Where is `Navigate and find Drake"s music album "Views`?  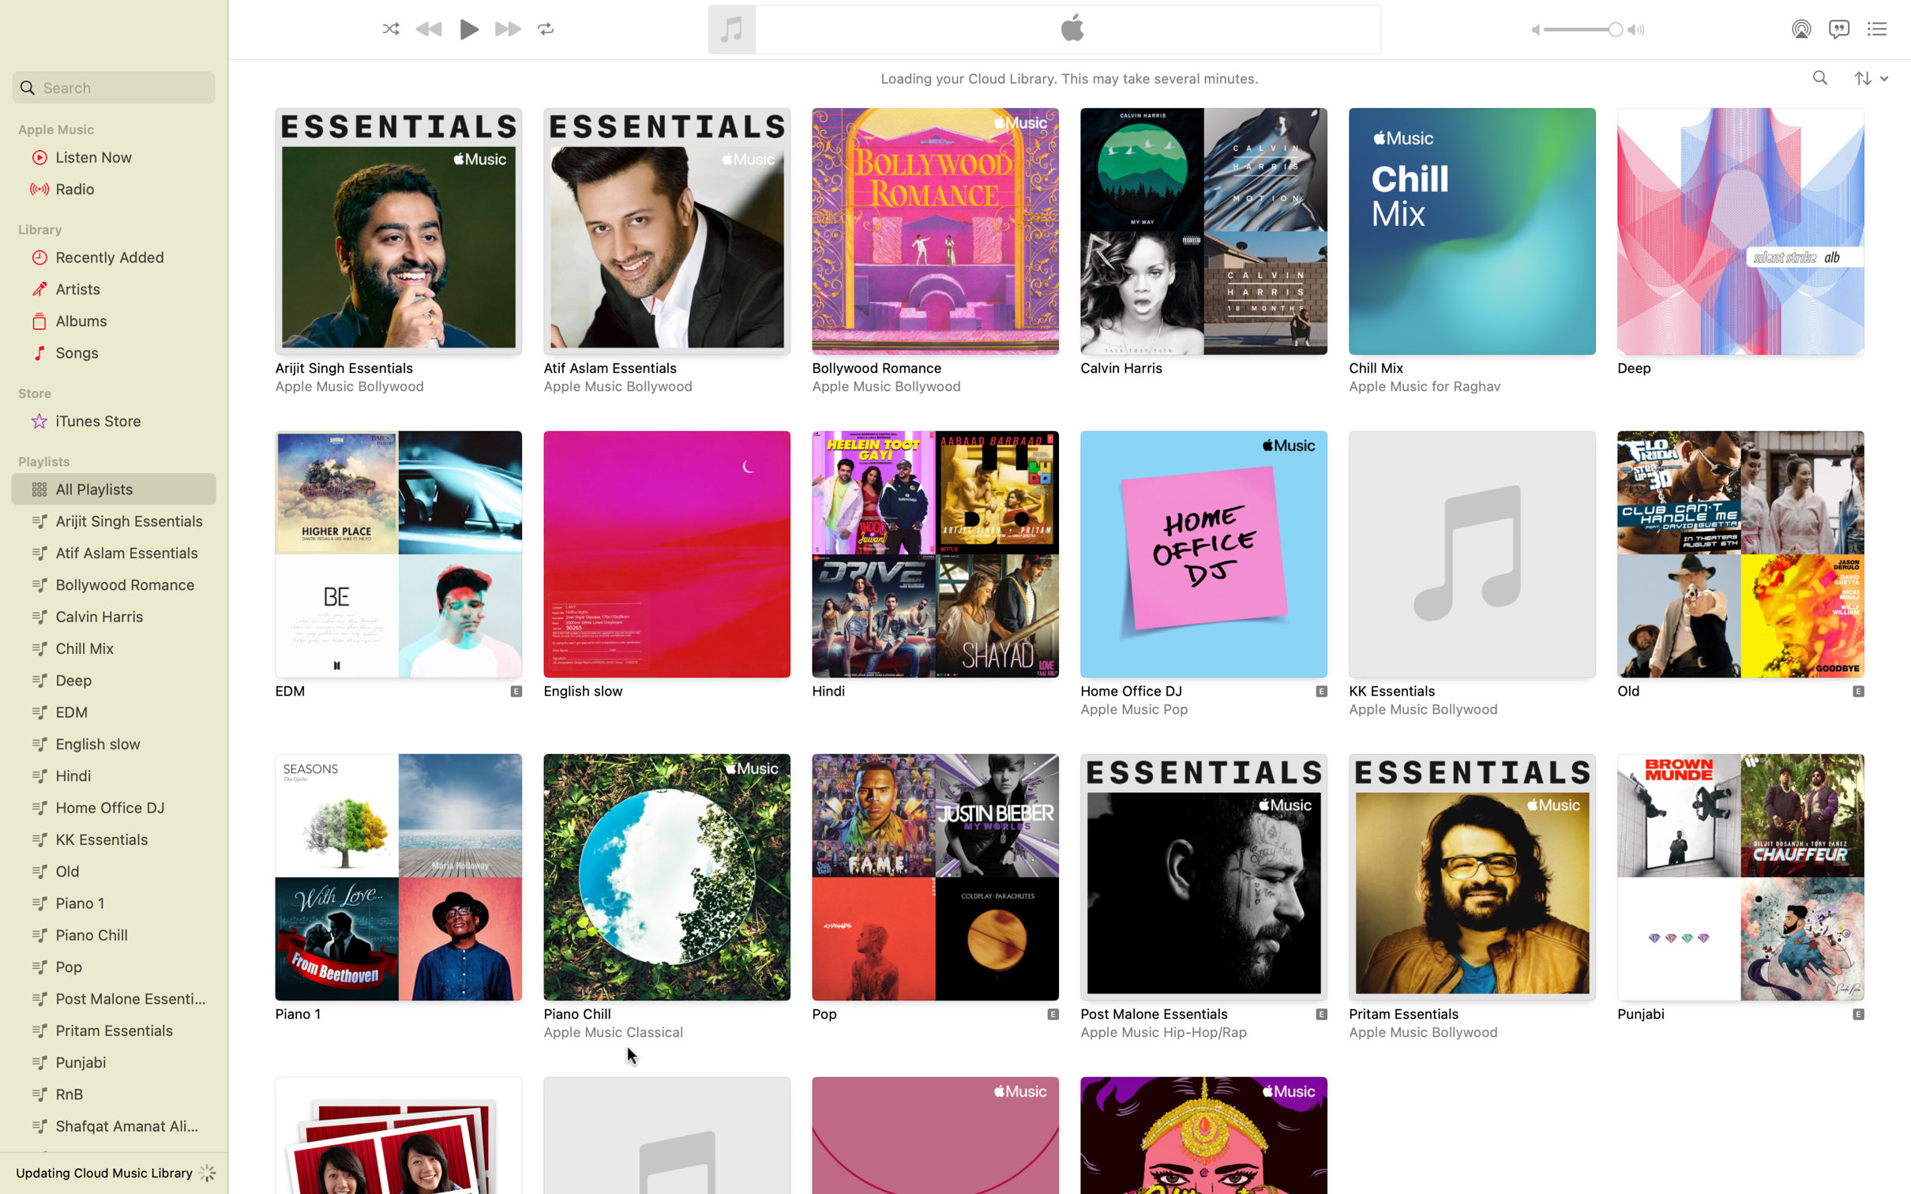 Navigate and find Drake"s music album "Views is located at coordinates (1820, 78).